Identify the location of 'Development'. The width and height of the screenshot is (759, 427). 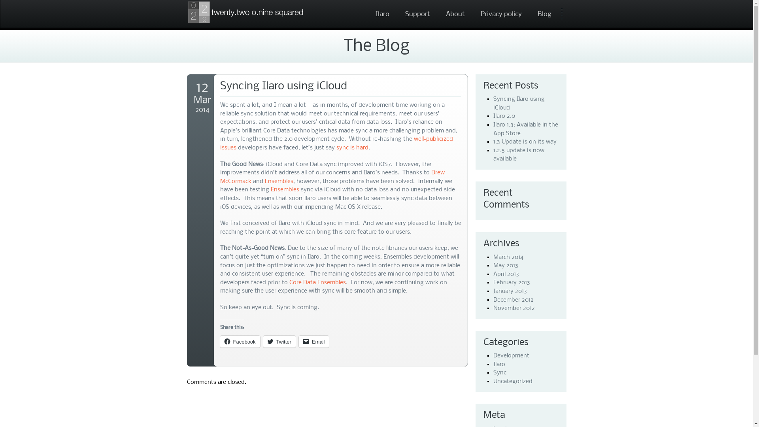
(511, 355).